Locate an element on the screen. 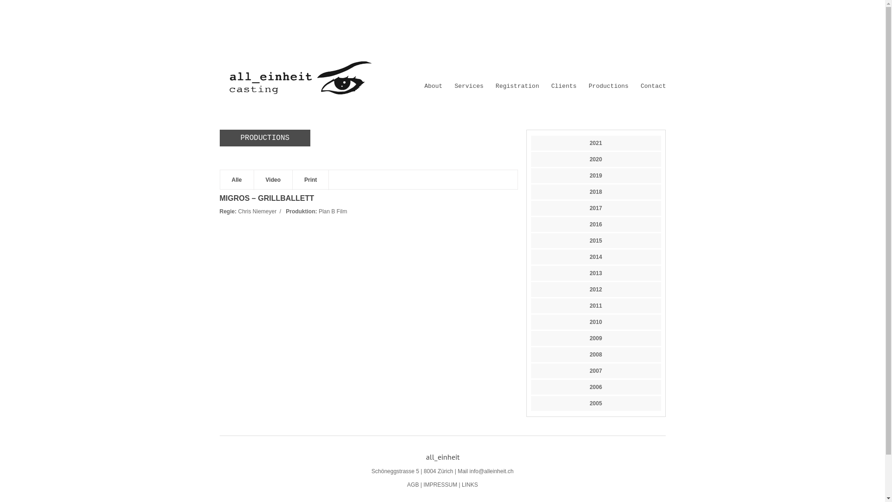 The image size is (892, 502). '2012' is located at coordinates (595, 289).